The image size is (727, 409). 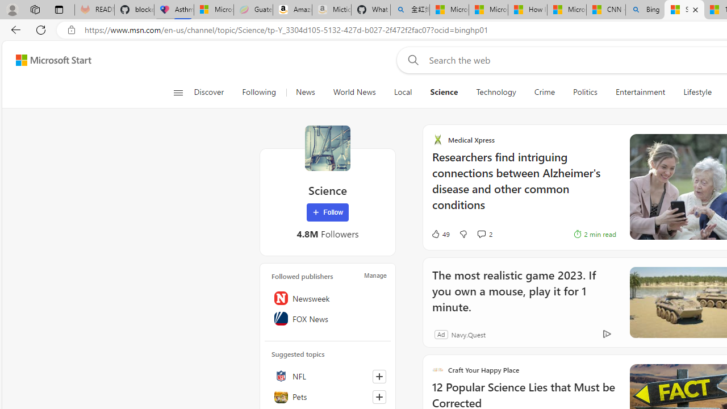 I want to click on '49 Like', so click(x=427, y=233).